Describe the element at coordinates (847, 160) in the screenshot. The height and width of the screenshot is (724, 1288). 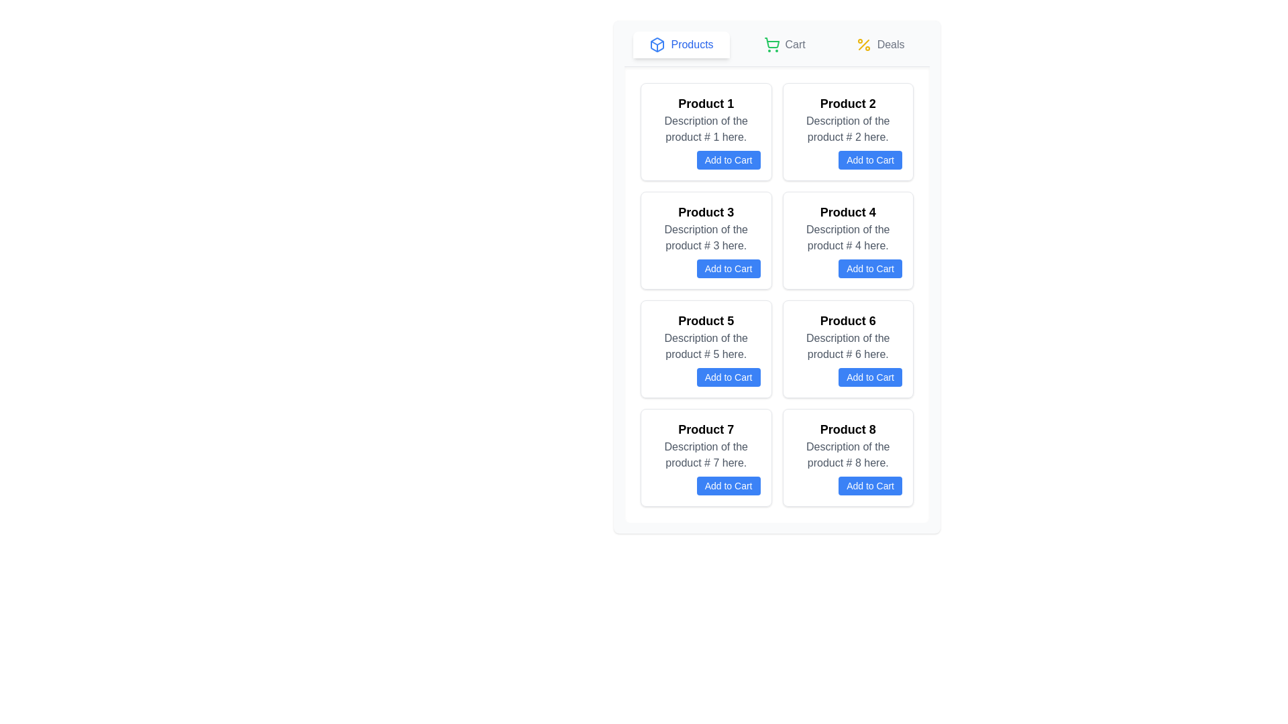
I see `the 'Add to Cart' button, which is a rectangular button with white text on a blue background located at the bottom-right corner of Product 2's card` at that location.